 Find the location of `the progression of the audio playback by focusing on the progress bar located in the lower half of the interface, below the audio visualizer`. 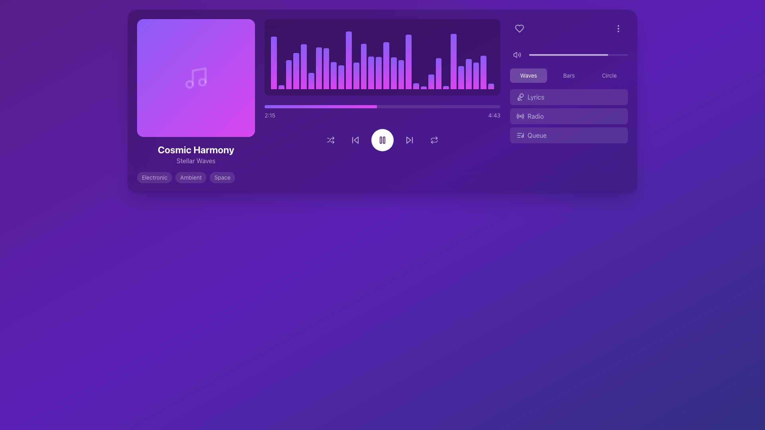

the progression of the audio playback by focusing on the progress bar located in the lower half of the interface, below the audio visualizer is located at coordinates (321, 106).